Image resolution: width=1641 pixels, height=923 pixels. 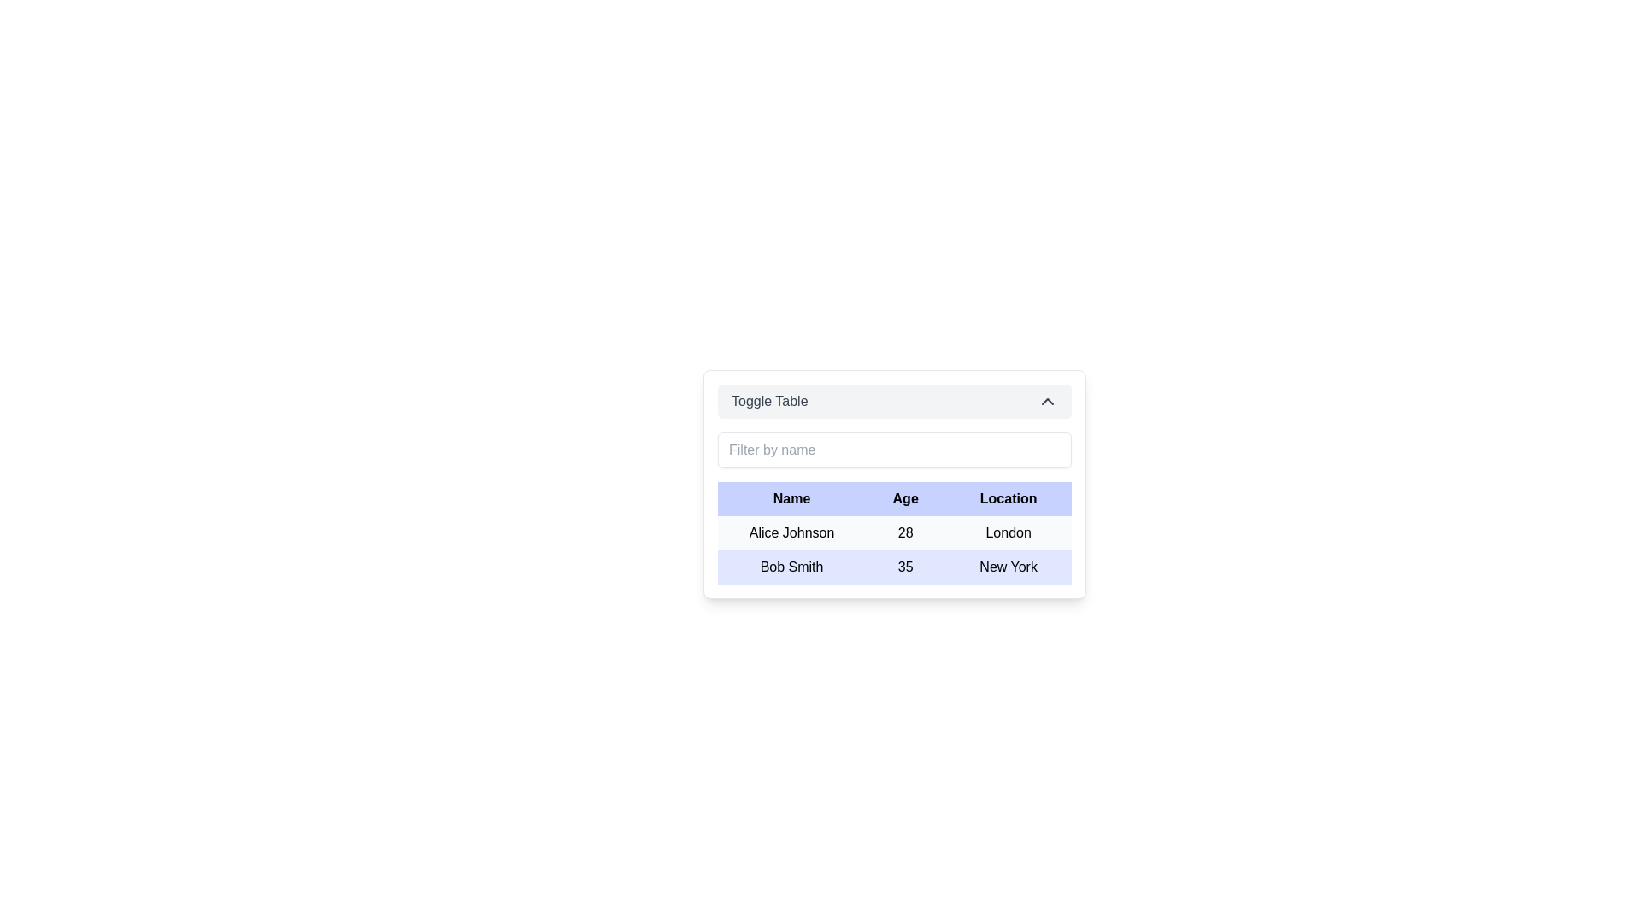 I want to click on the Table Header Cell labeled 'Age' with a light blue background for interaction highlighting, so click(x=904, y=498).